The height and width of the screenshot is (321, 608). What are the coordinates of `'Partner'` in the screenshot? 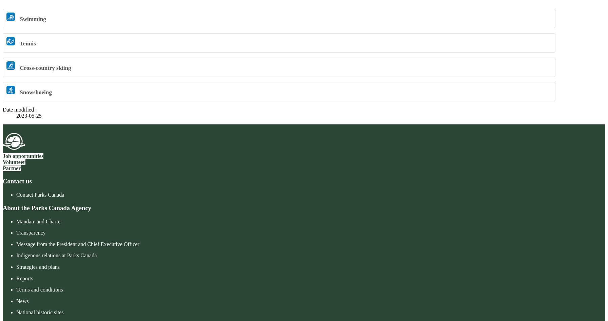 It's located at (3, 167).